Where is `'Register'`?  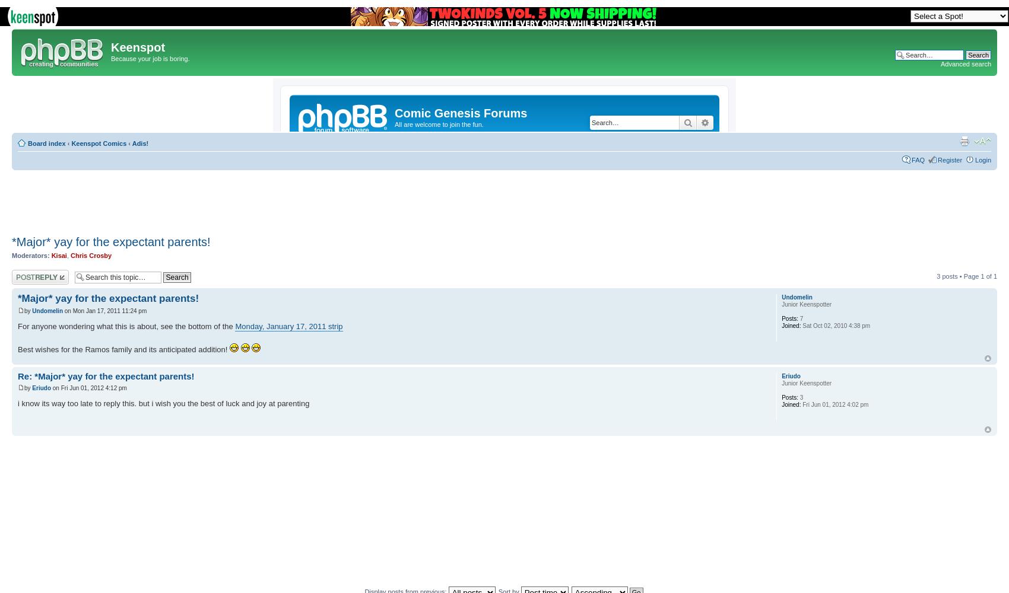
'Register' is located at coordinates (937, 160).